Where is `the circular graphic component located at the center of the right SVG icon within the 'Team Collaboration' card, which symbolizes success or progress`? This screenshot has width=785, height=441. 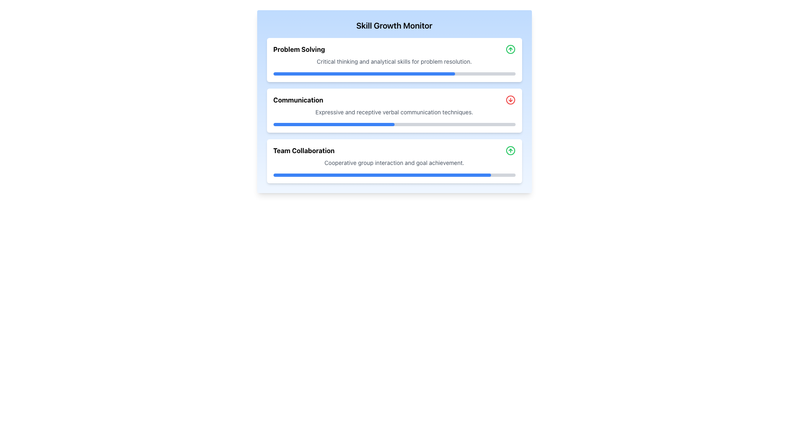
the circular graphic component located at the center of the right SVG icon within the 'Team Collaboration' card, which symbolizes success or progress is located at coordinates (510, 151).